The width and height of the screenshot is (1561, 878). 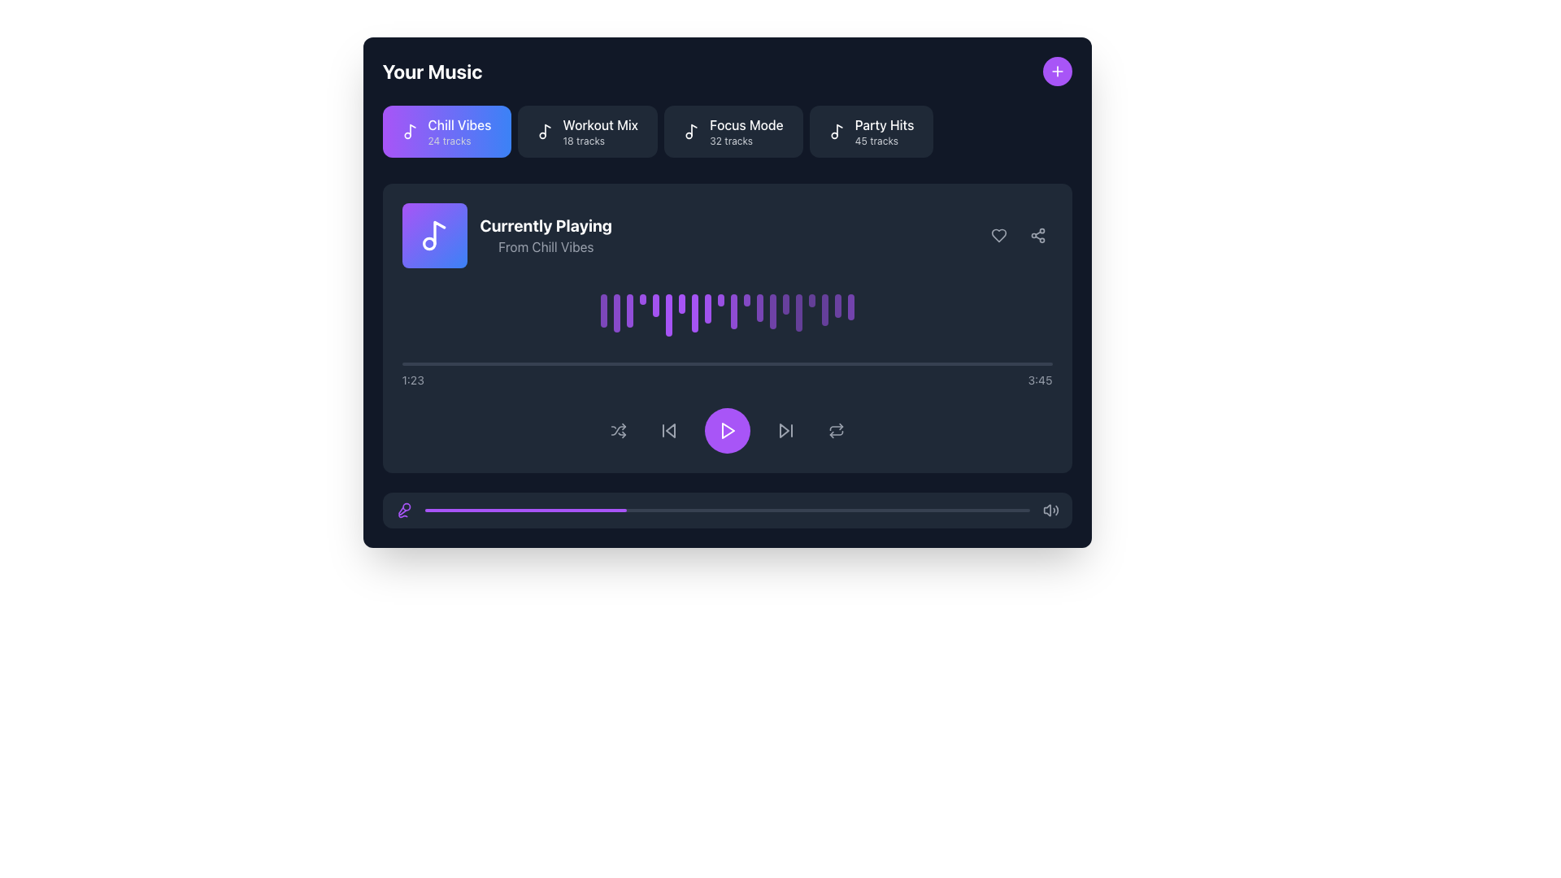 What do you see at coordinates (586, 131) in the screenshot?
I see `the Interactive button` at bounding box center [586, 131].